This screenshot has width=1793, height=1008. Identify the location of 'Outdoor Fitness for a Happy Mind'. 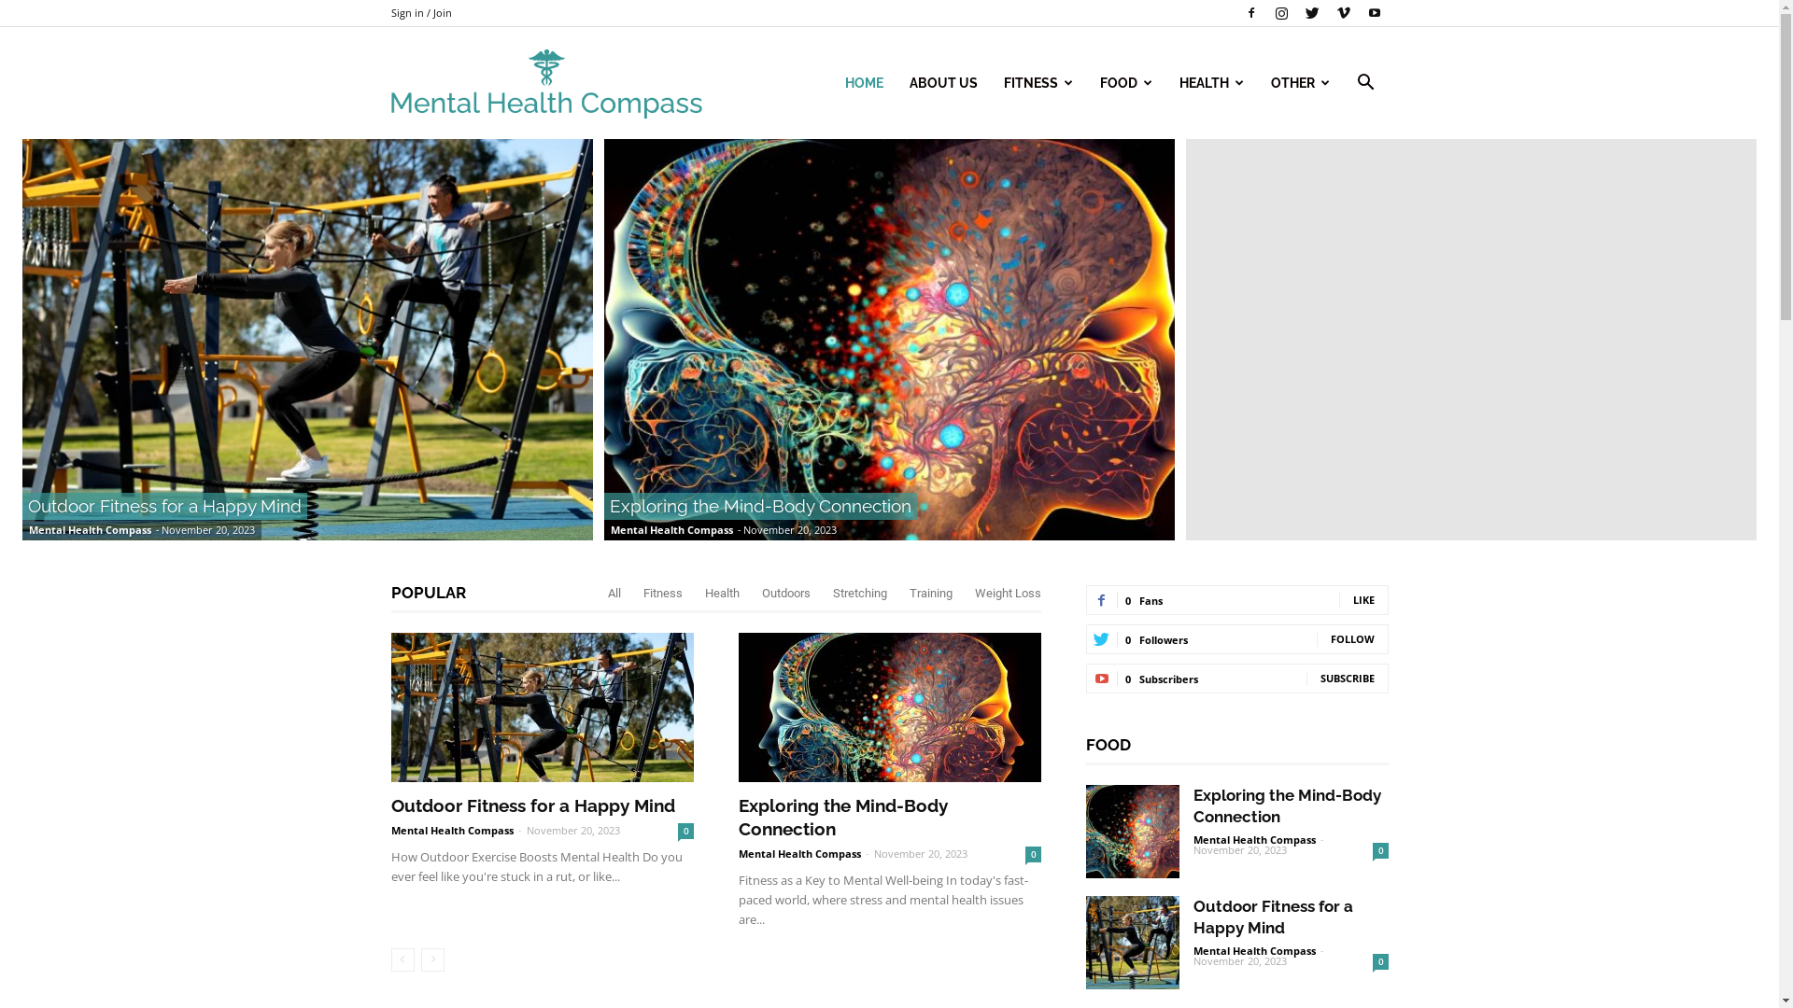
(307, 339).